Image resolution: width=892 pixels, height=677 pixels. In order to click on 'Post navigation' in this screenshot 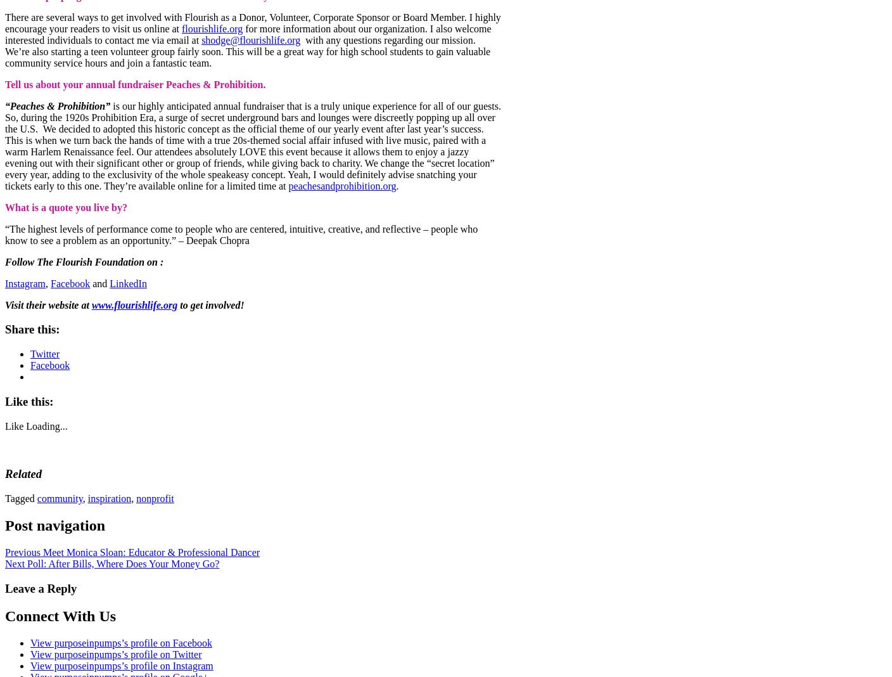, I will do `click(54, 524)`.